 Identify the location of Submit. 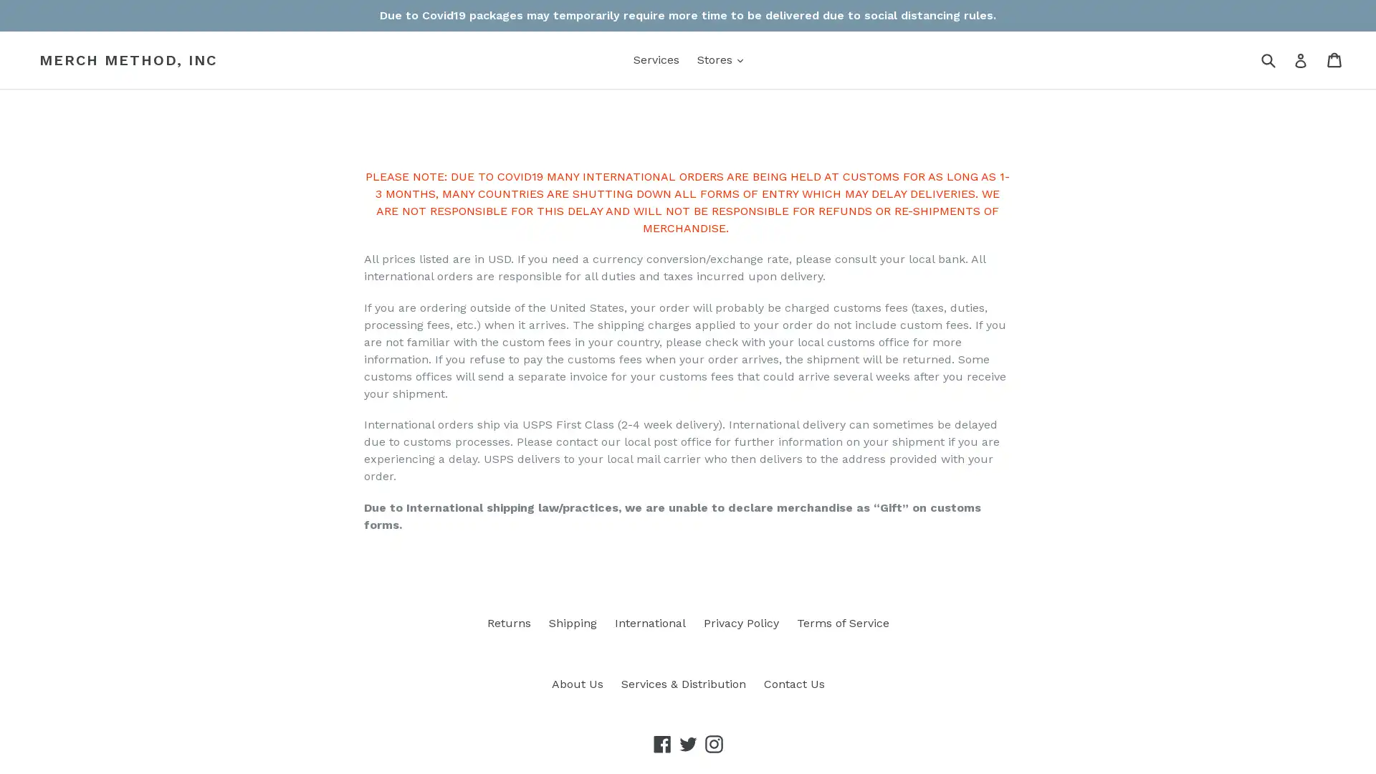
(1268, 59).